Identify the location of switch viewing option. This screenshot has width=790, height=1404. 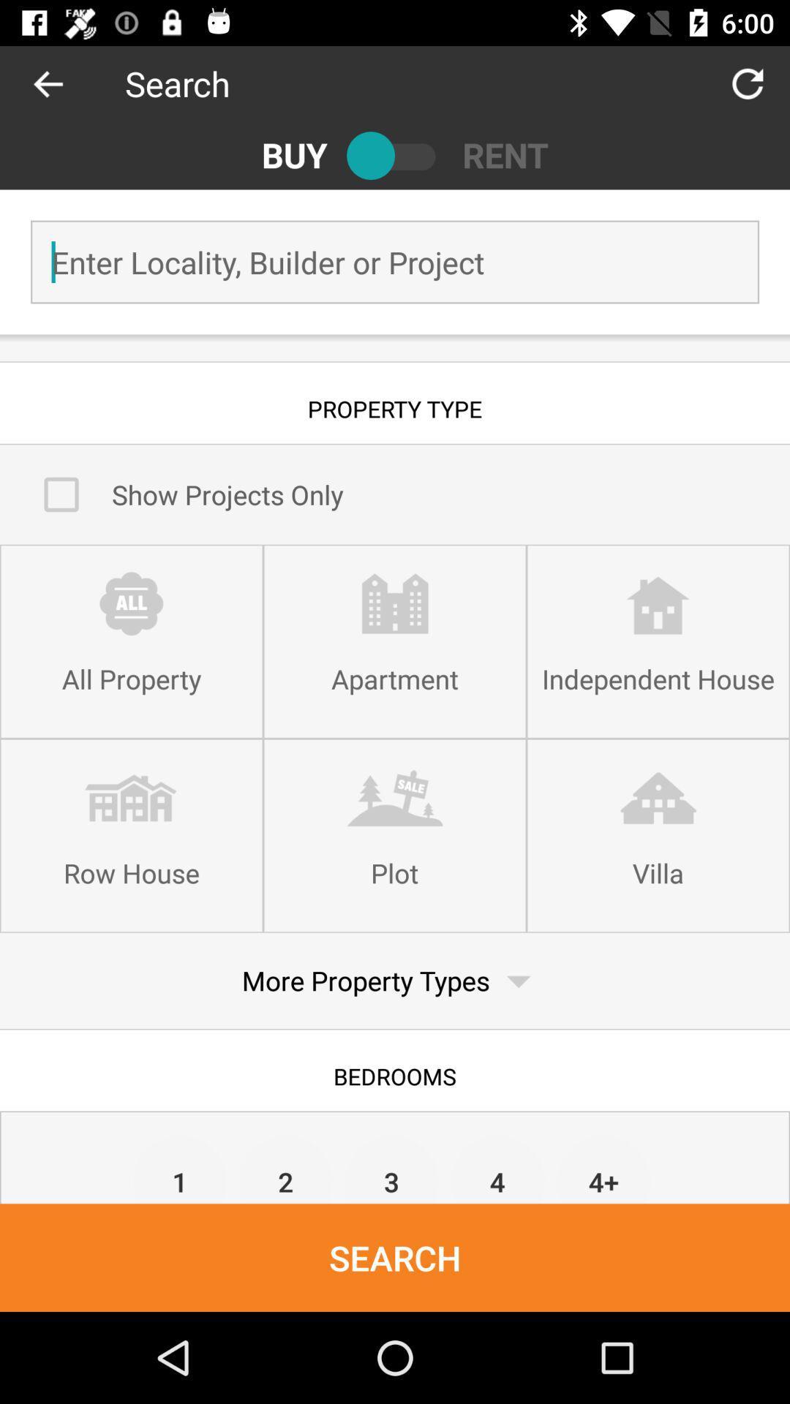
(395, 155).